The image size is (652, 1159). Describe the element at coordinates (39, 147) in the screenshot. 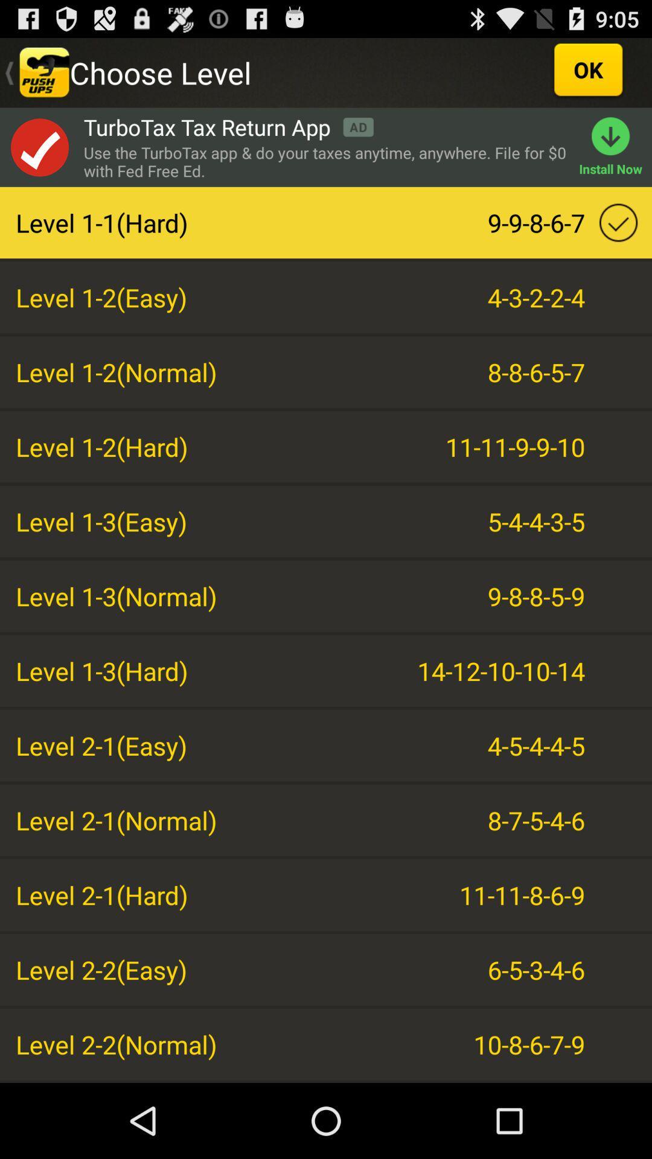

I see `open` at that location.